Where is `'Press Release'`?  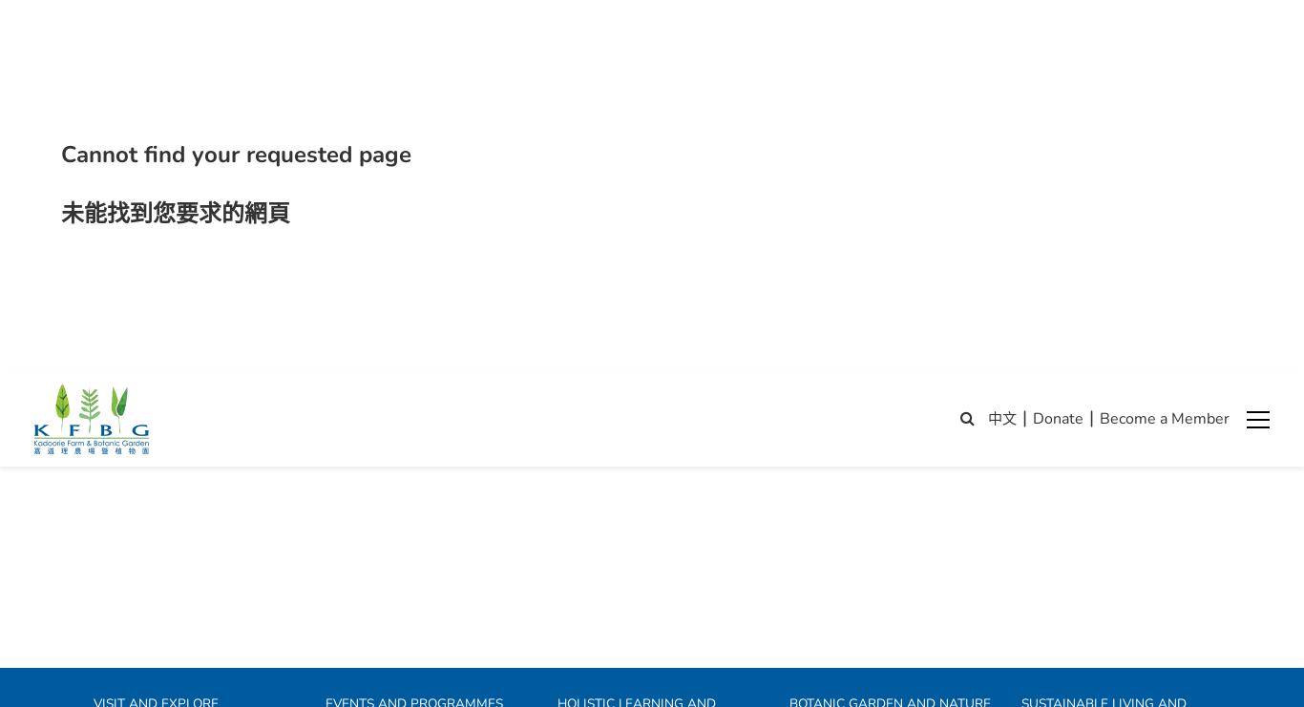
'Press Release' is located at coordinates (1059, 691).